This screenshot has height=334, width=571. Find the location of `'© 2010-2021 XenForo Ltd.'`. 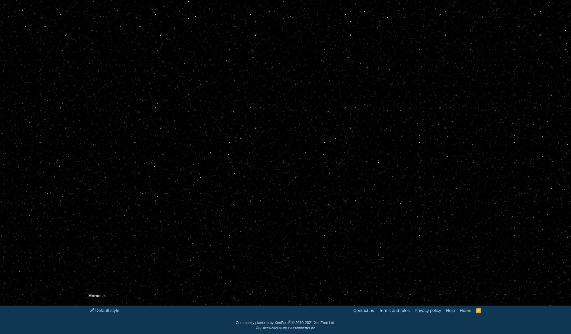

'© 2010-2021 XenForo Ltd.' is located at coordinates (313, 322).